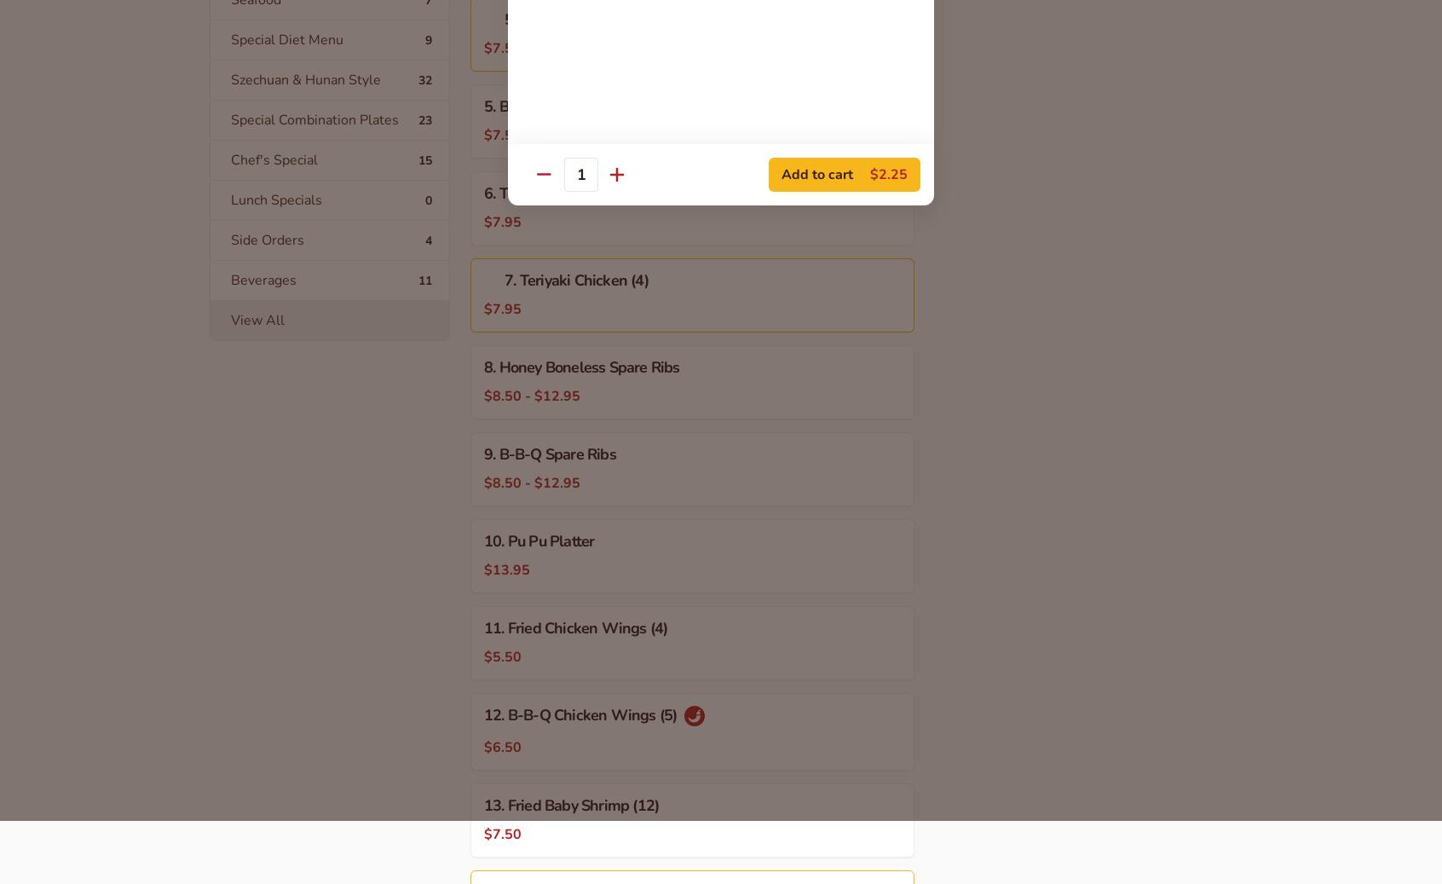 This screenshot has width=1442, height=884. I want to click on 'Side Orders', so click(267, 239).